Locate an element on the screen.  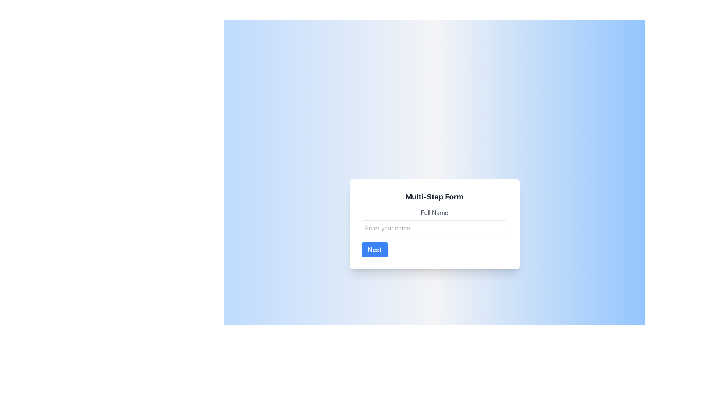
the text label that serves as a descriptive label for the input field for entering a full name, located centrally within a form card is located at coordinates (434, 213).